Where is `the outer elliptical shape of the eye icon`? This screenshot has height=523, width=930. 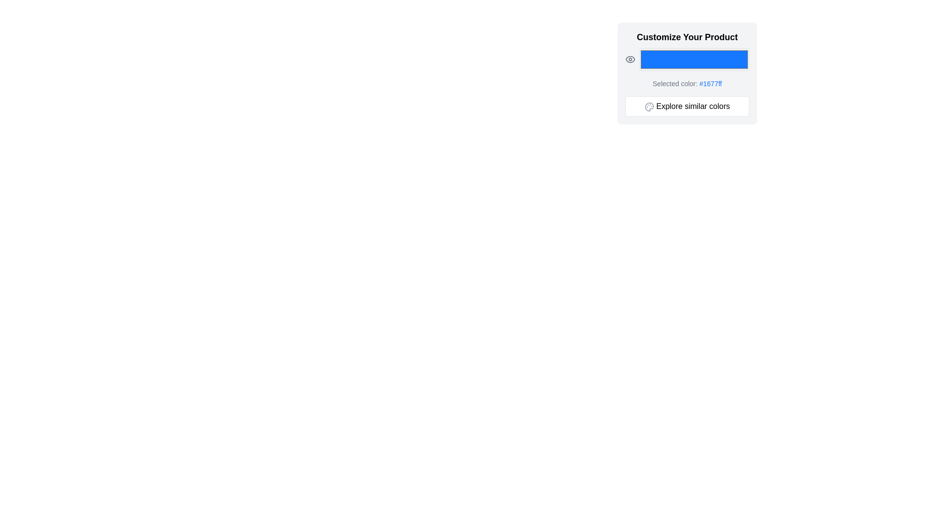 the outer elliptical shape of the eye icon is located at coordinates (630, 60).